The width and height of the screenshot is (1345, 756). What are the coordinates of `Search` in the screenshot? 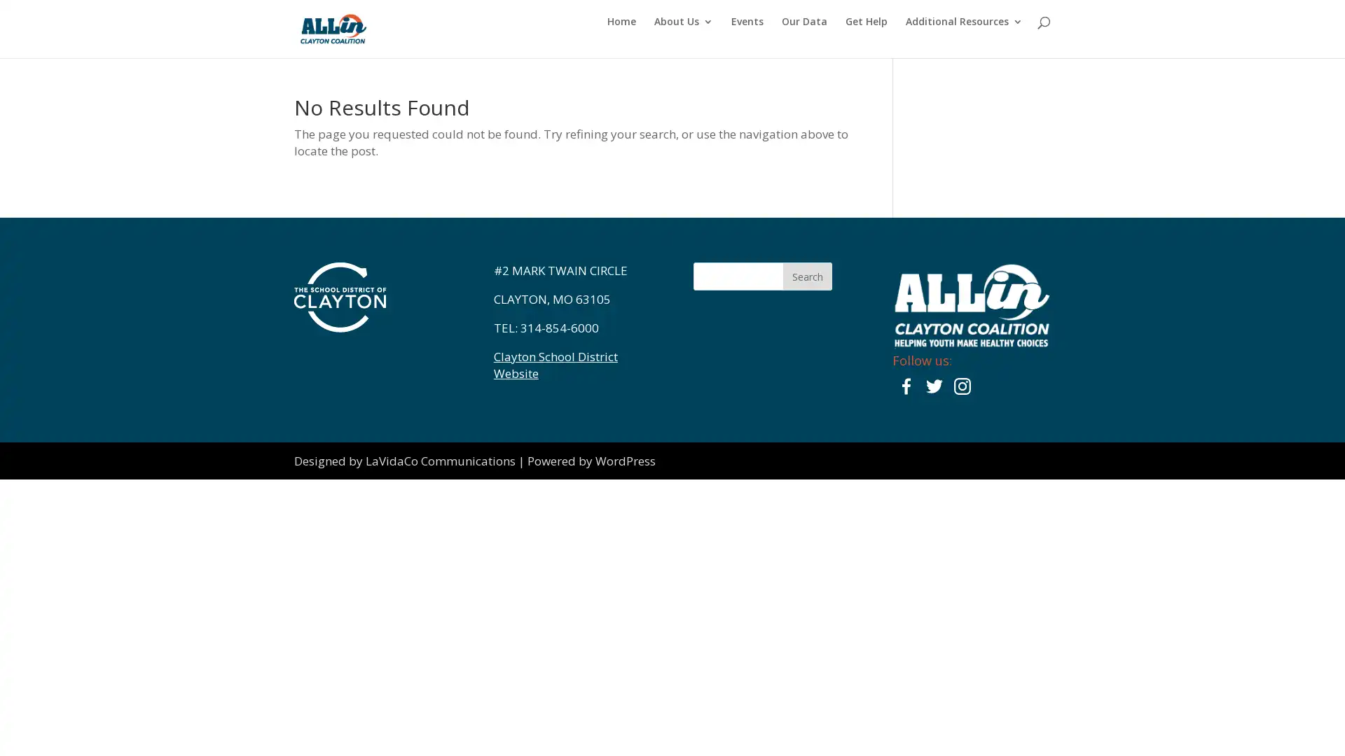 It's located at (807, 281).